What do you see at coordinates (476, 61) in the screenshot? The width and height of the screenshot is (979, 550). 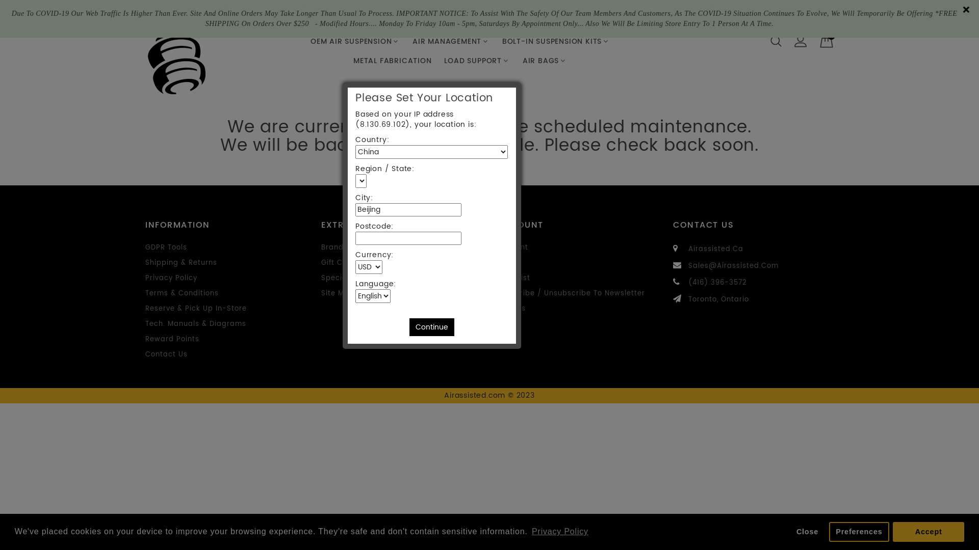 I see `'LOAD SUPPORT'` at bounding box center [476, 61].